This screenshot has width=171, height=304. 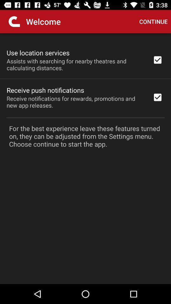 What do you see at coordinates (75, 64) in the screenshot?
I see `assists with searching item` at bounding box center [75, 64].